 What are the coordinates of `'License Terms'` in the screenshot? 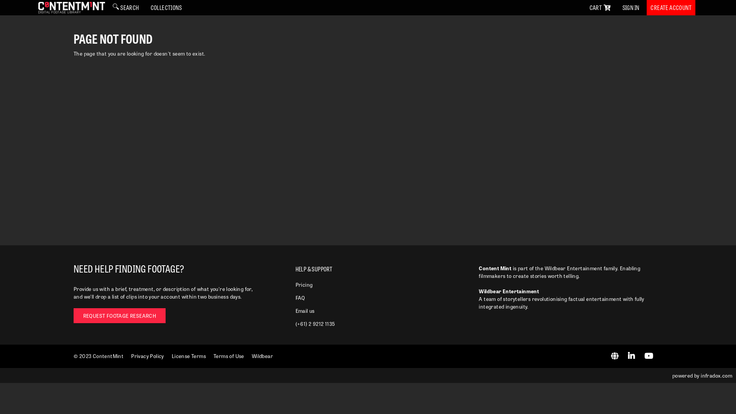 It's located at (189, 356).